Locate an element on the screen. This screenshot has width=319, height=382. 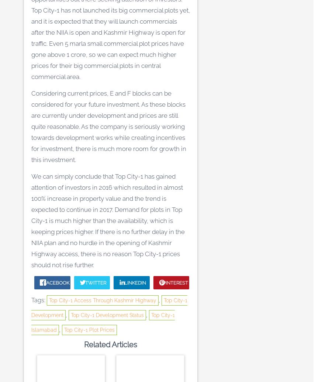
'pinterest' is located at coordinates (174, 282).